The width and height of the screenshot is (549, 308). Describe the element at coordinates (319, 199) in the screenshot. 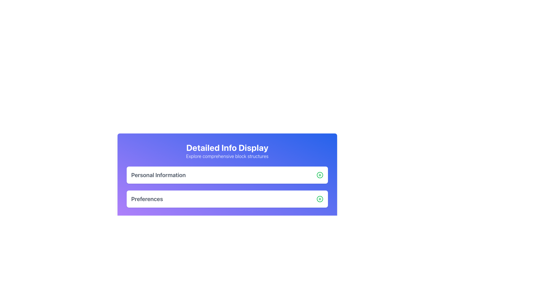

I see `the central circular component of the SVG group that represents the plus icon beside the 'Preferences' label` at that location.